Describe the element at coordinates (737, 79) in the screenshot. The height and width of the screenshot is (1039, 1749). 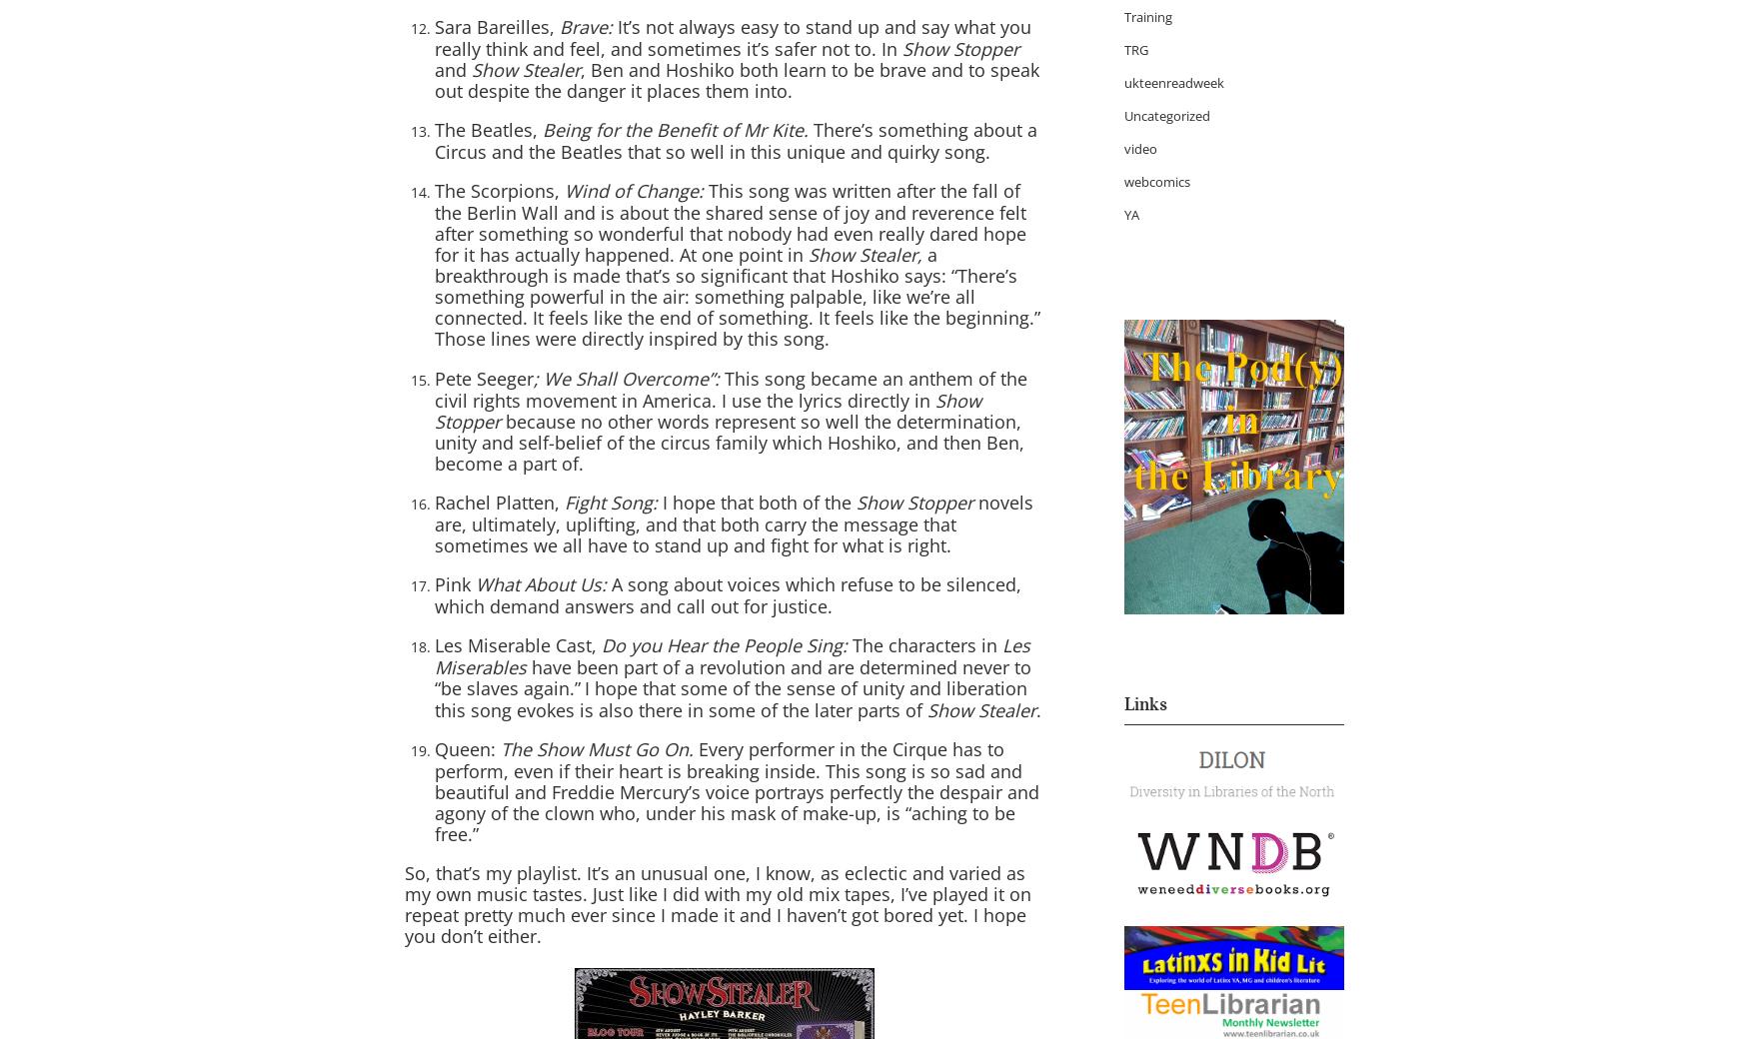
I see `', Ben and Hoshiko both learn to be brave and to speak out despite the danger it places them into.'` at that location.